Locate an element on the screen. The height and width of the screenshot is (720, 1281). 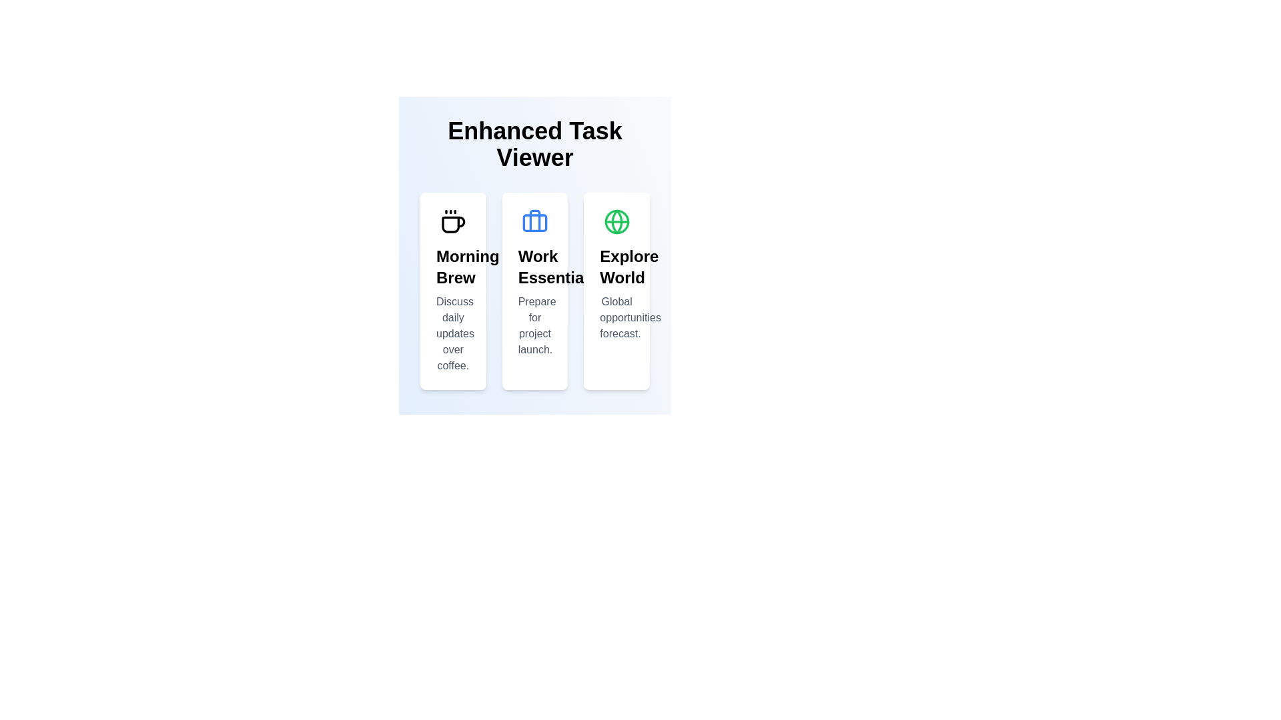
the 'Work Essentials' Text Label, which identifies the section and is located in the middle column of a three-column layout, positioned below an icon and above the subtitle 'Prepare for project launch' is located at coordinates (534, 267).